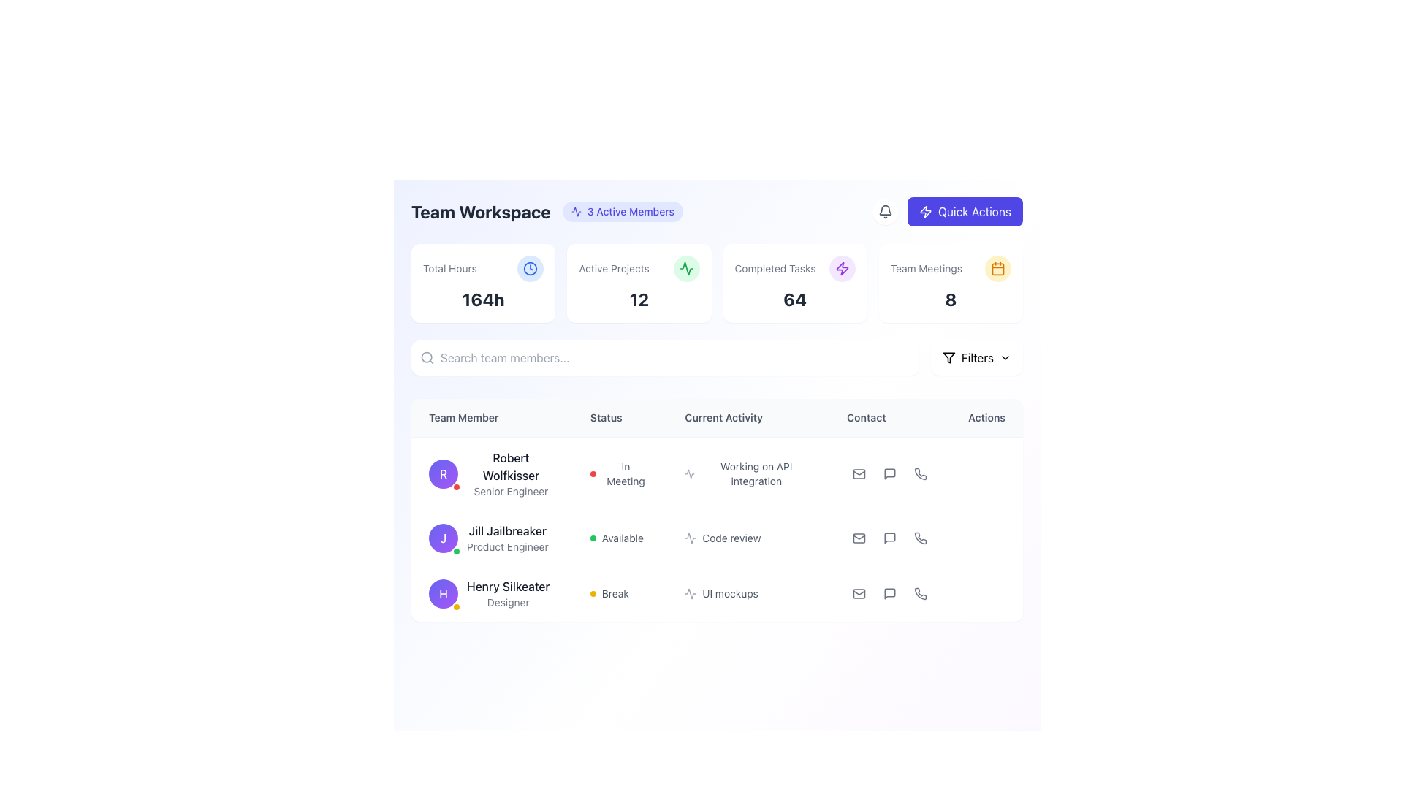 The height and width of the screenshot is (789, 1403). What do you see at coordinates (920, 473) in the screenshot?
I see `the phone icon button in light gray, located in the Actions column of the first row aligned with user Robert Wolfkisser to initiate a call` at bounding box center [920, 473].